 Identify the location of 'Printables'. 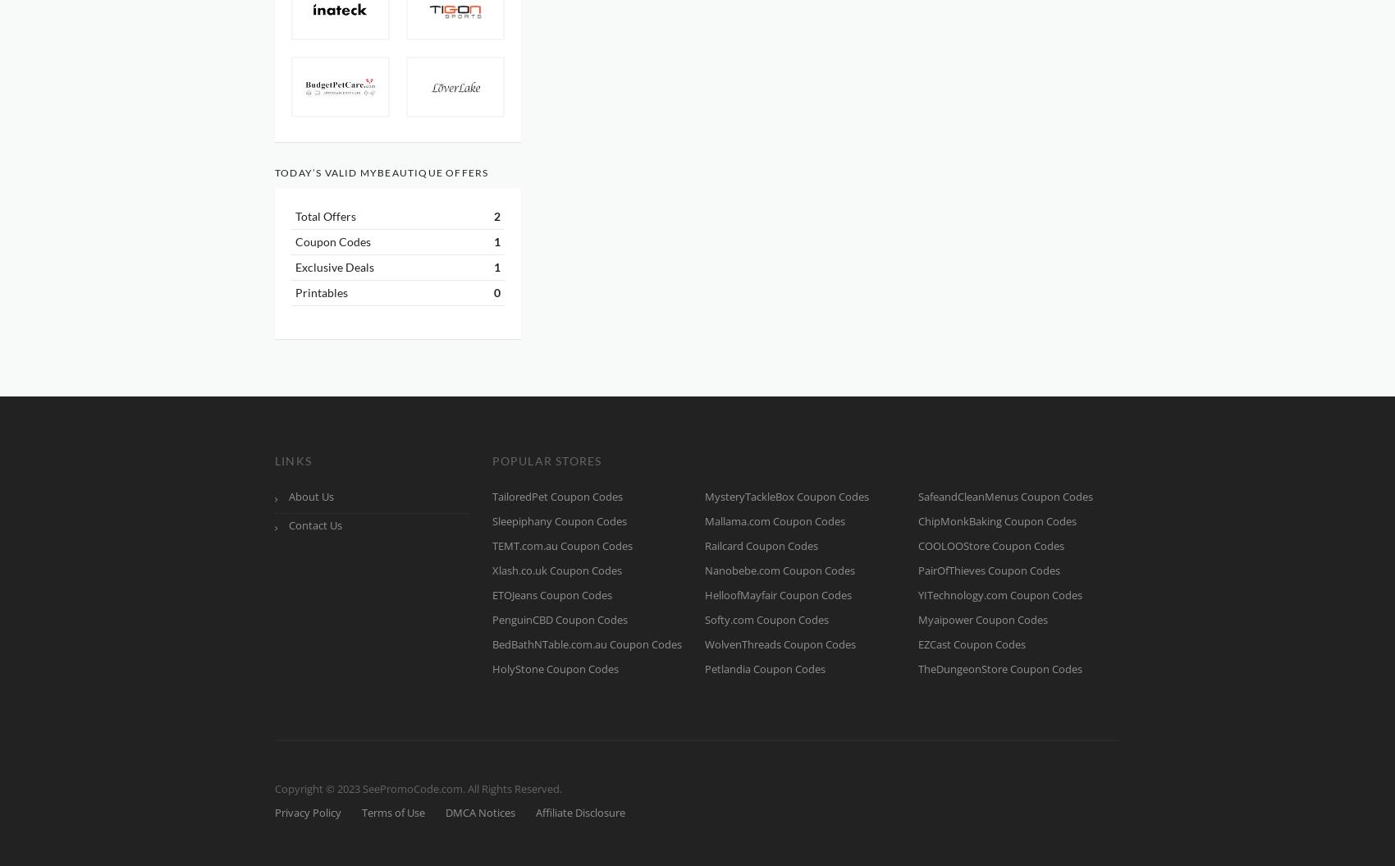
(295, 291).